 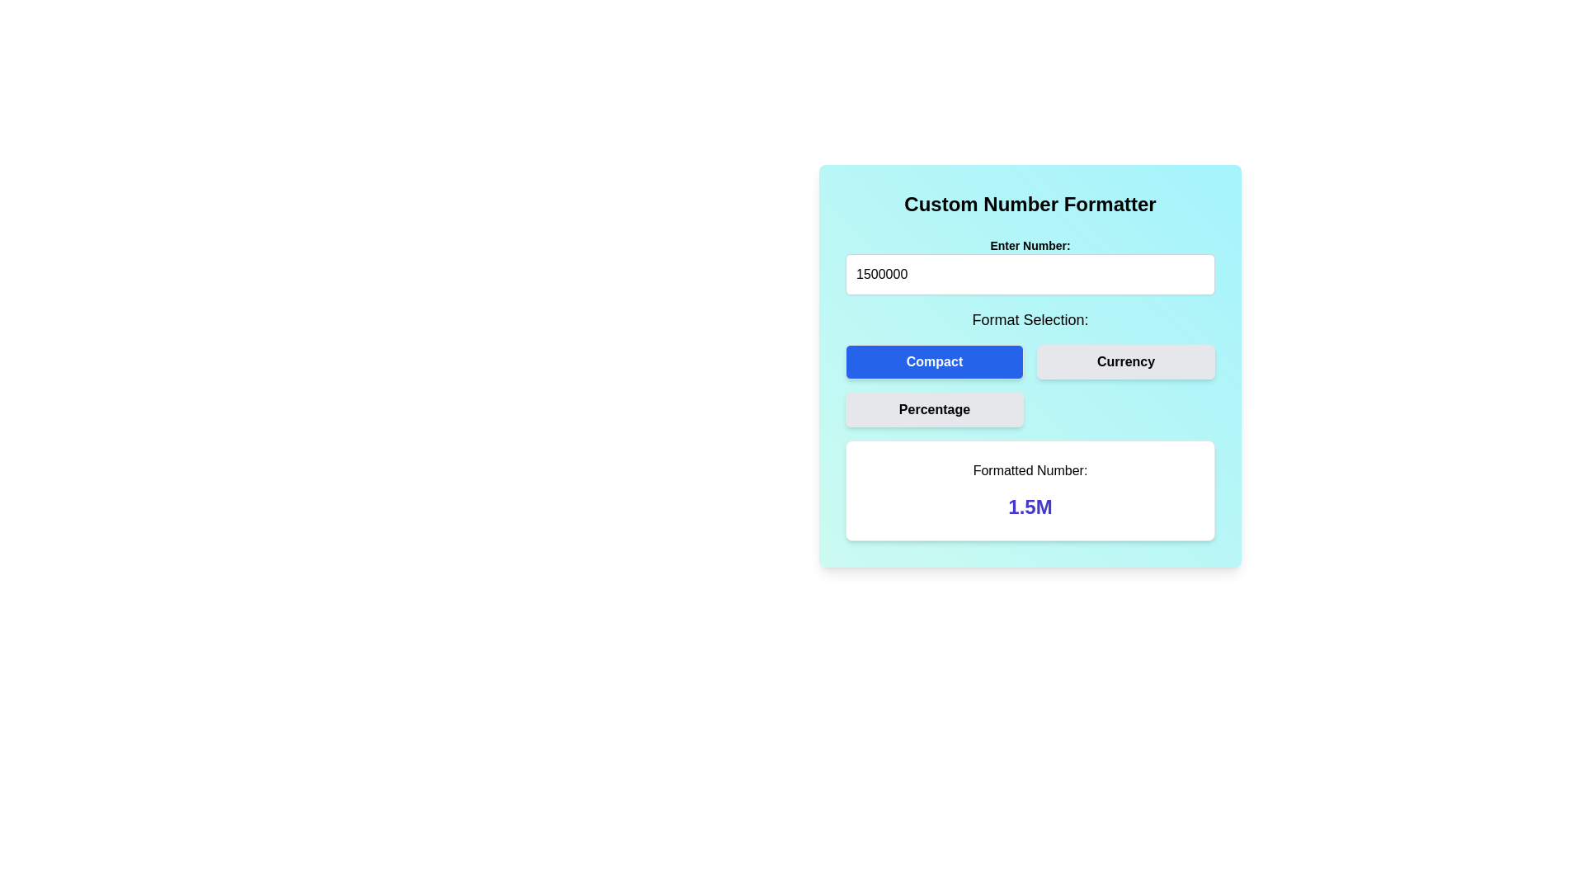 What do you see at coordinates (1029, 320) in the screenshot?
I see `label with the text 'Format Selection:' which is styled in bold and located above the selection buttons` at bounding box center [1029, 320].